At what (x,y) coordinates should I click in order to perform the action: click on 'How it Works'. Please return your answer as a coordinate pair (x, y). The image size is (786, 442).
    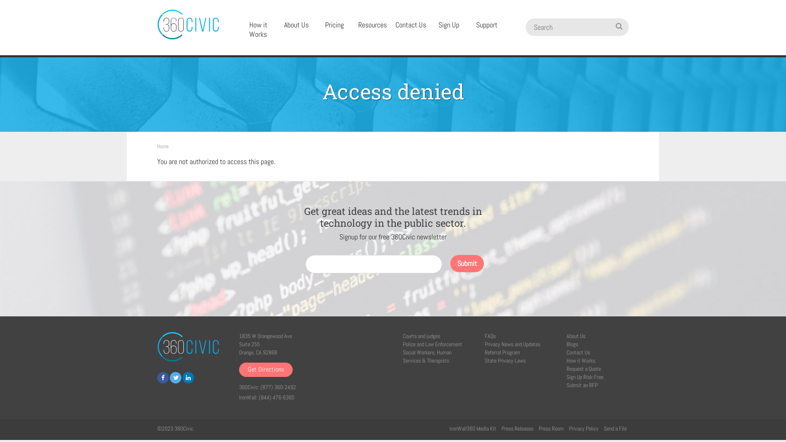
    Looking at the image, I should click on (257, 29).